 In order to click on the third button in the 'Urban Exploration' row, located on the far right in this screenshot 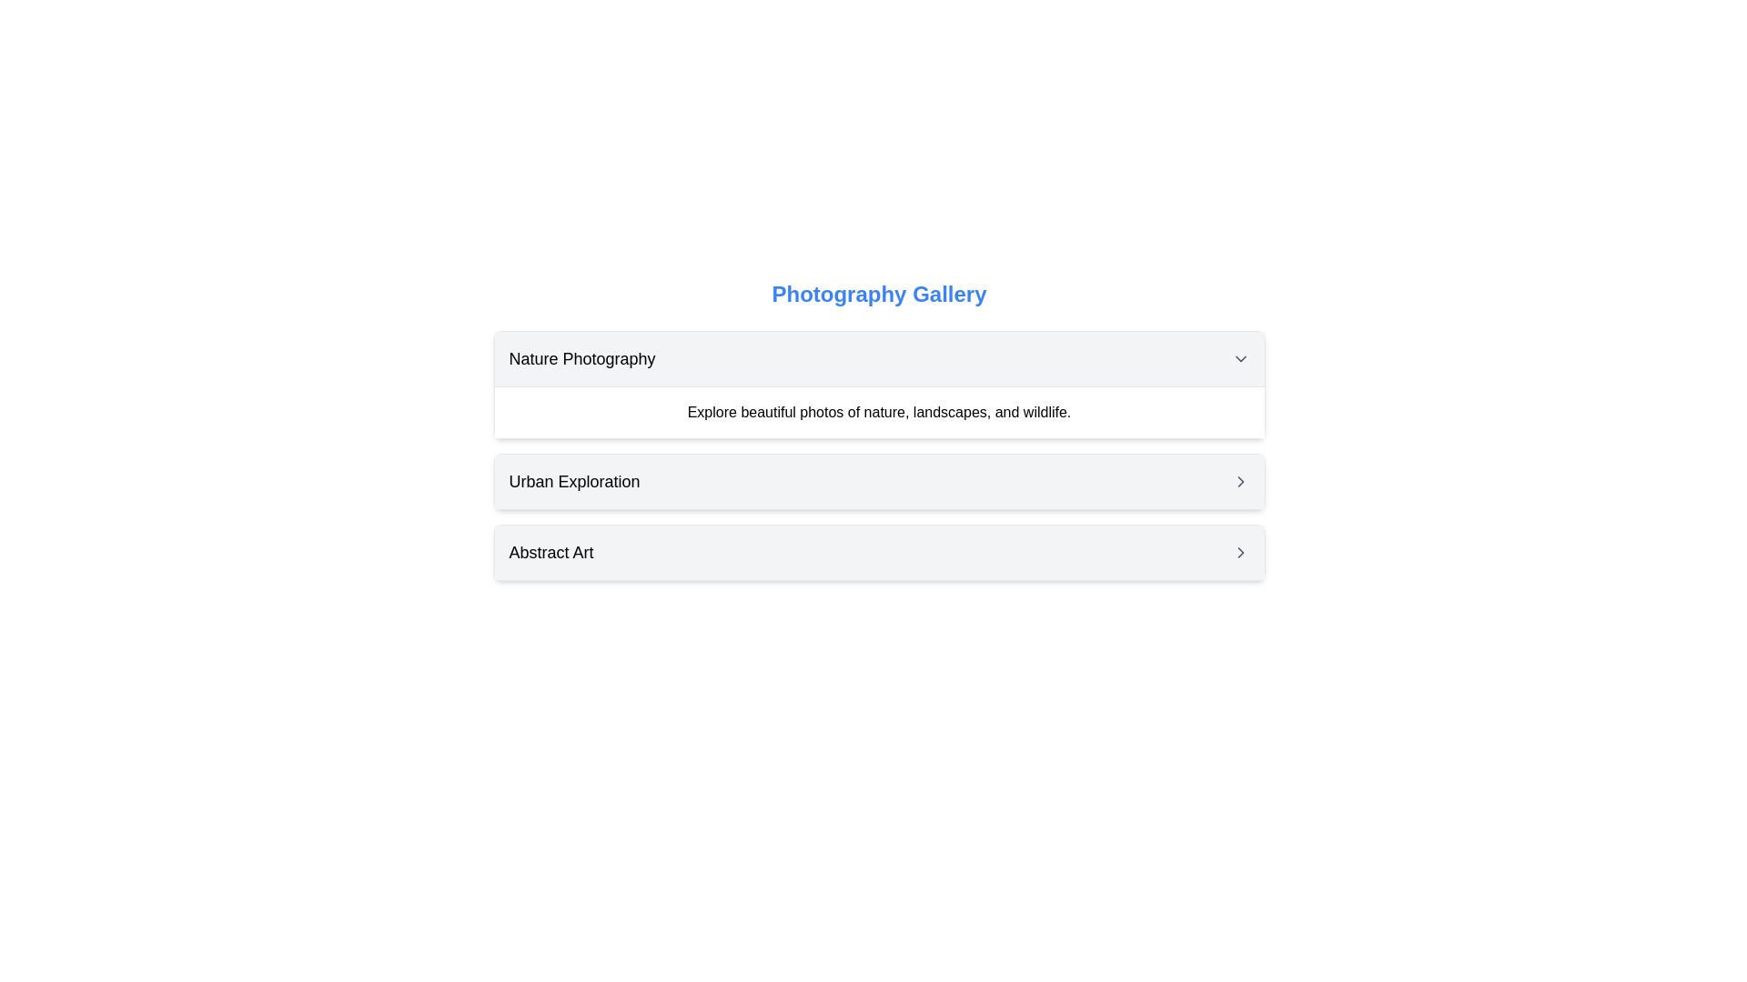, I will do `click(1239, 480)`.